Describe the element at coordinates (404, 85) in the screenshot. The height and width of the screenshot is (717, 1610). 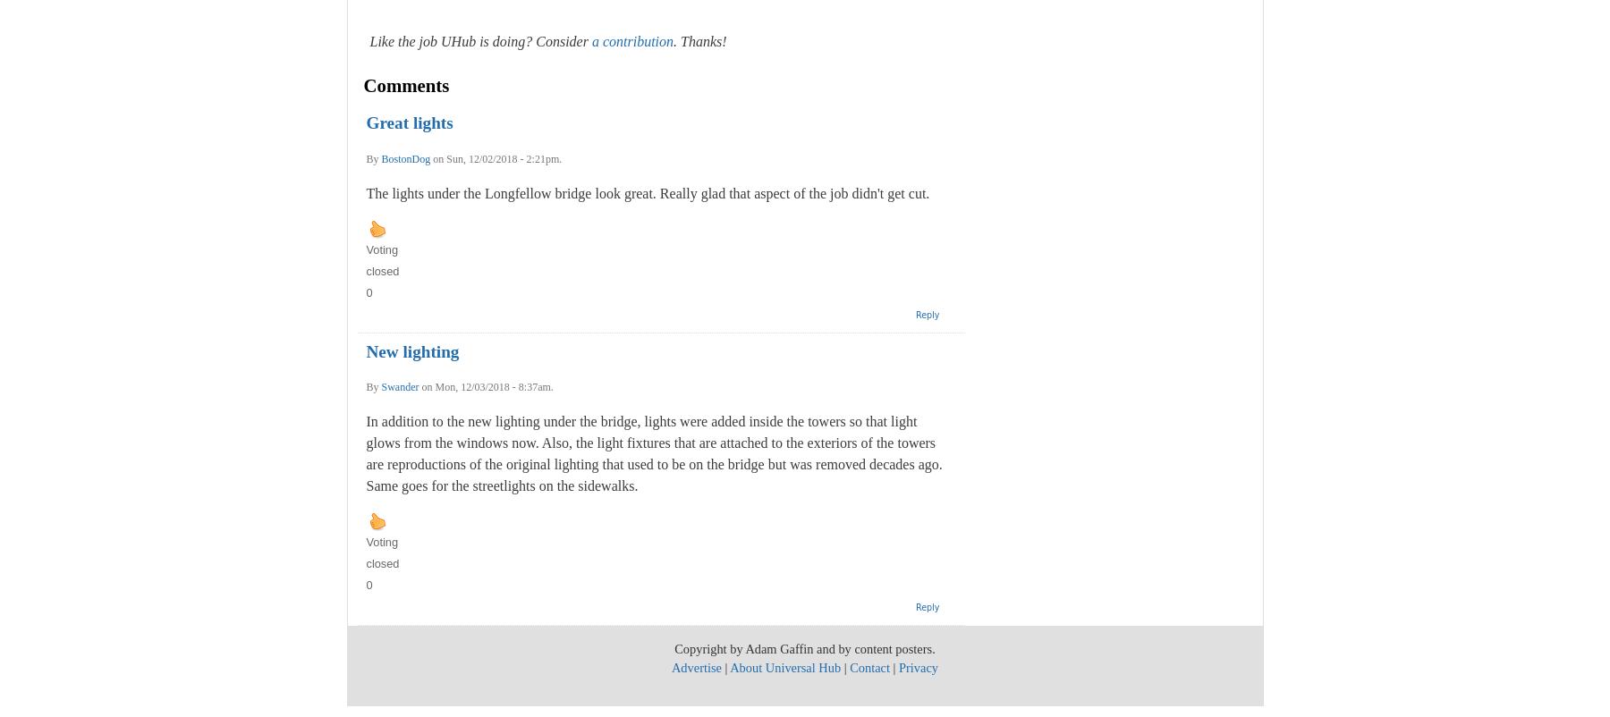
I see `'Comments'` at that location.